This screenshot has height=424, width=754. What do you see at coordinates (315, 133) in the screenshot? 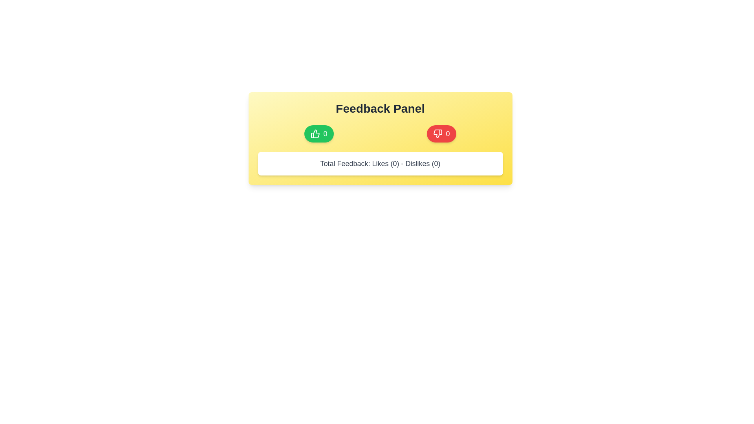
I see `the green thumbs-up icon located within the green circular button on the left side of the feedback panel to invoke an action` at bounding box center [315, 133].